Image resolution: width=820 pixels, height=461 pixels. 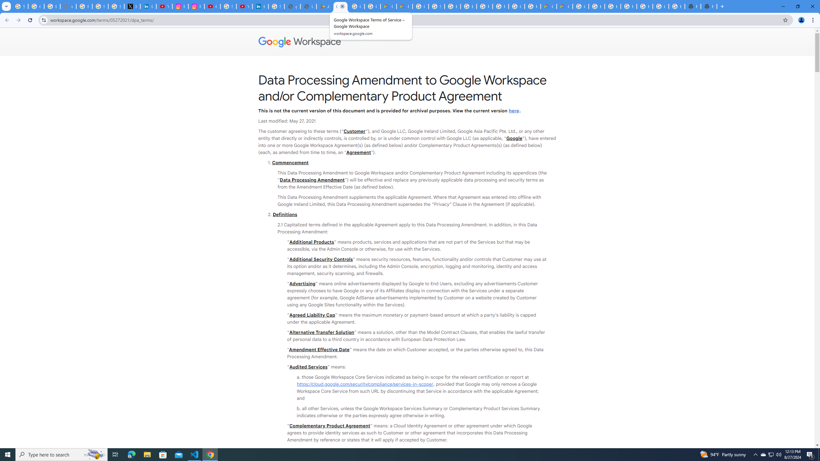 I want to click on 'Google Cloud Platform', so click(x=580, y=6).